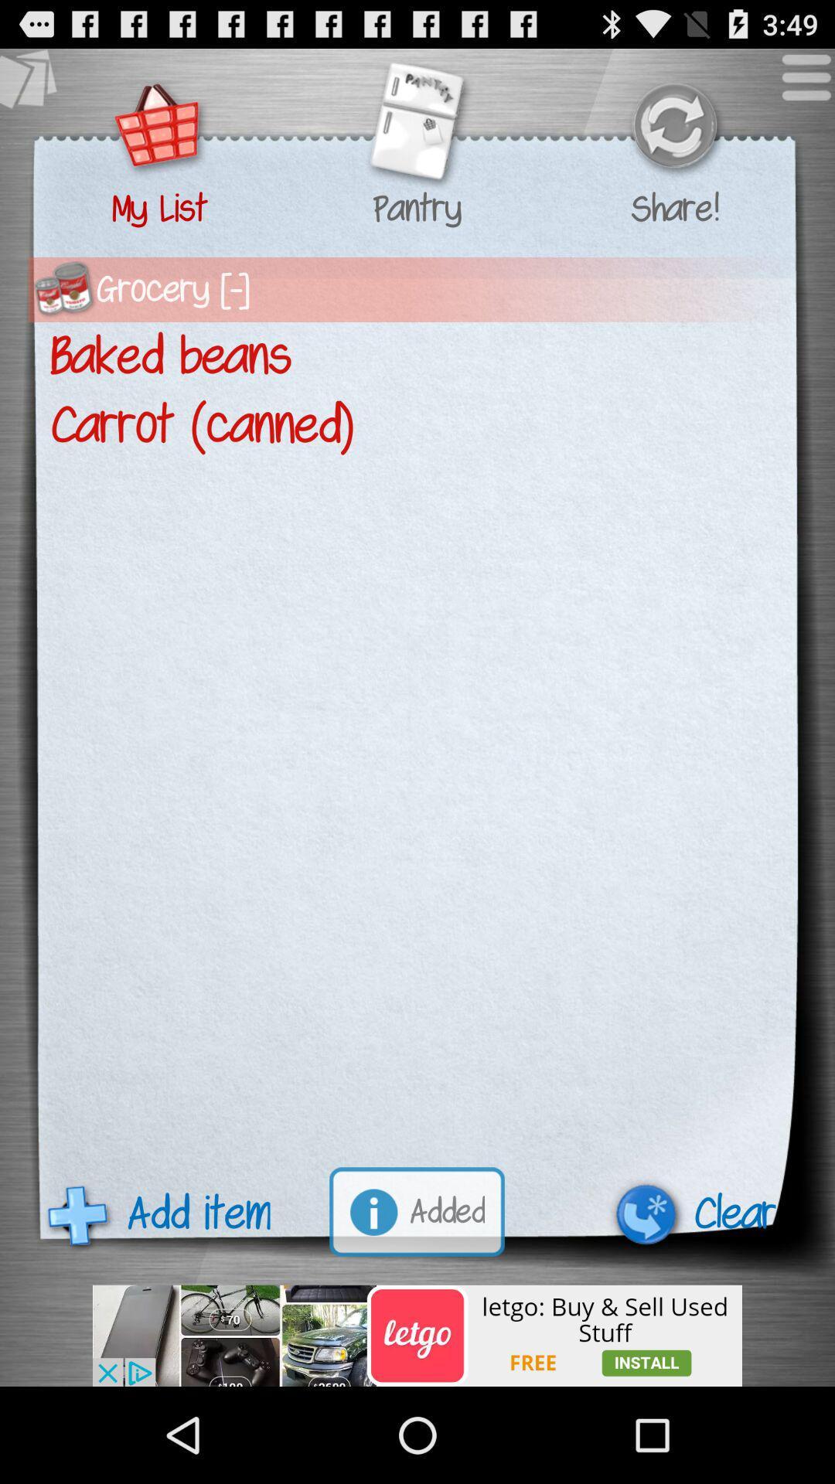 The height and width of the screenshot is (1484, 835). What do you see at coordinates (159, 128) in the screenshot?
I see `open shop list` at bounding box center [159, 128].